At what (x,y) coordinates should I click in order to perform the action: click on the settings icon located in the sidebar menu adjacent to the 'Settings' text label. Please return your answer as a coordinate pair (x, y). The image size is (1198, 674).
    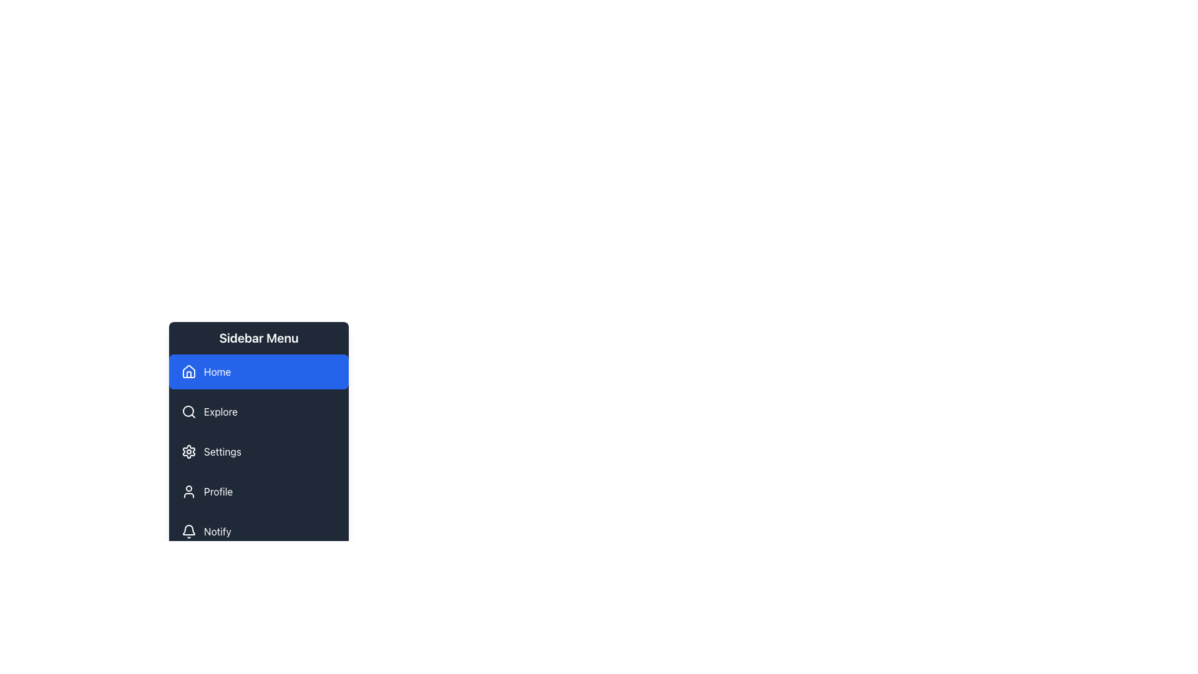
    Looking at the image, I should click on (188, 452).